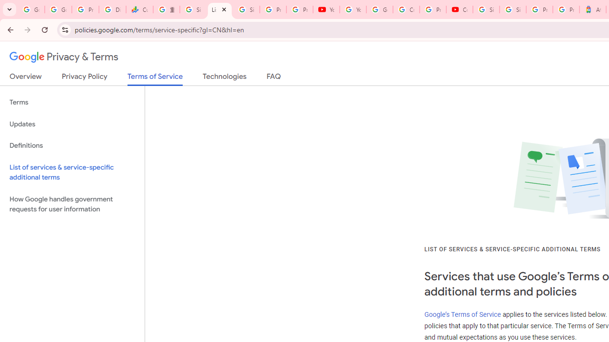  I want to click on 'Currencies - Google Finance', so click(139, 9).